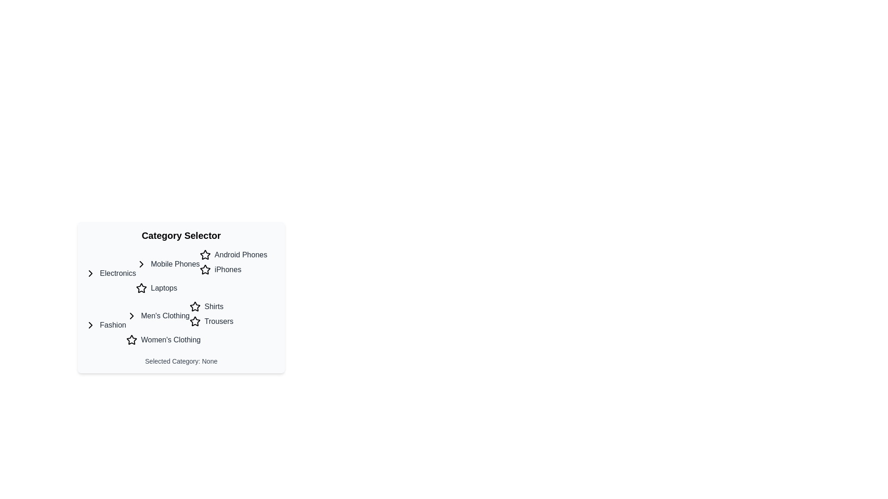 This screenshot has height=499, width=888. Describe the element at coordinates (211, 306) in the screenshot. I see `the 'Shirts' category option, which is represented by a star icon followed by the text 'Shirts' in dark grey, located under the 'Men's Clothing' section of the 'Fashion' category` at that location.